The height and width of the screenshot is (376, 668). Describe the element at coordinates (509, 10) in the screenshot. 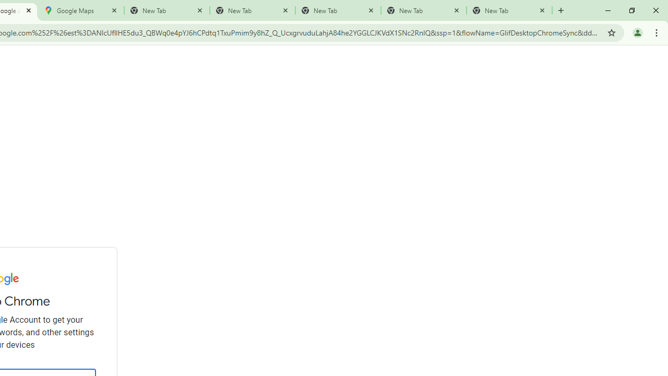

I see `'New Tab'` at that location.